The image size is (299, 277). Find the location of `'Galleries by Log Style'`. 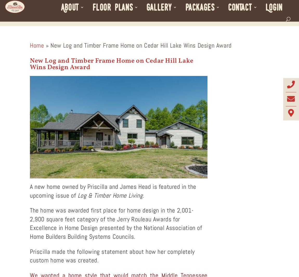

'Galleries by Log Style' is located at coordinates (176, 33).